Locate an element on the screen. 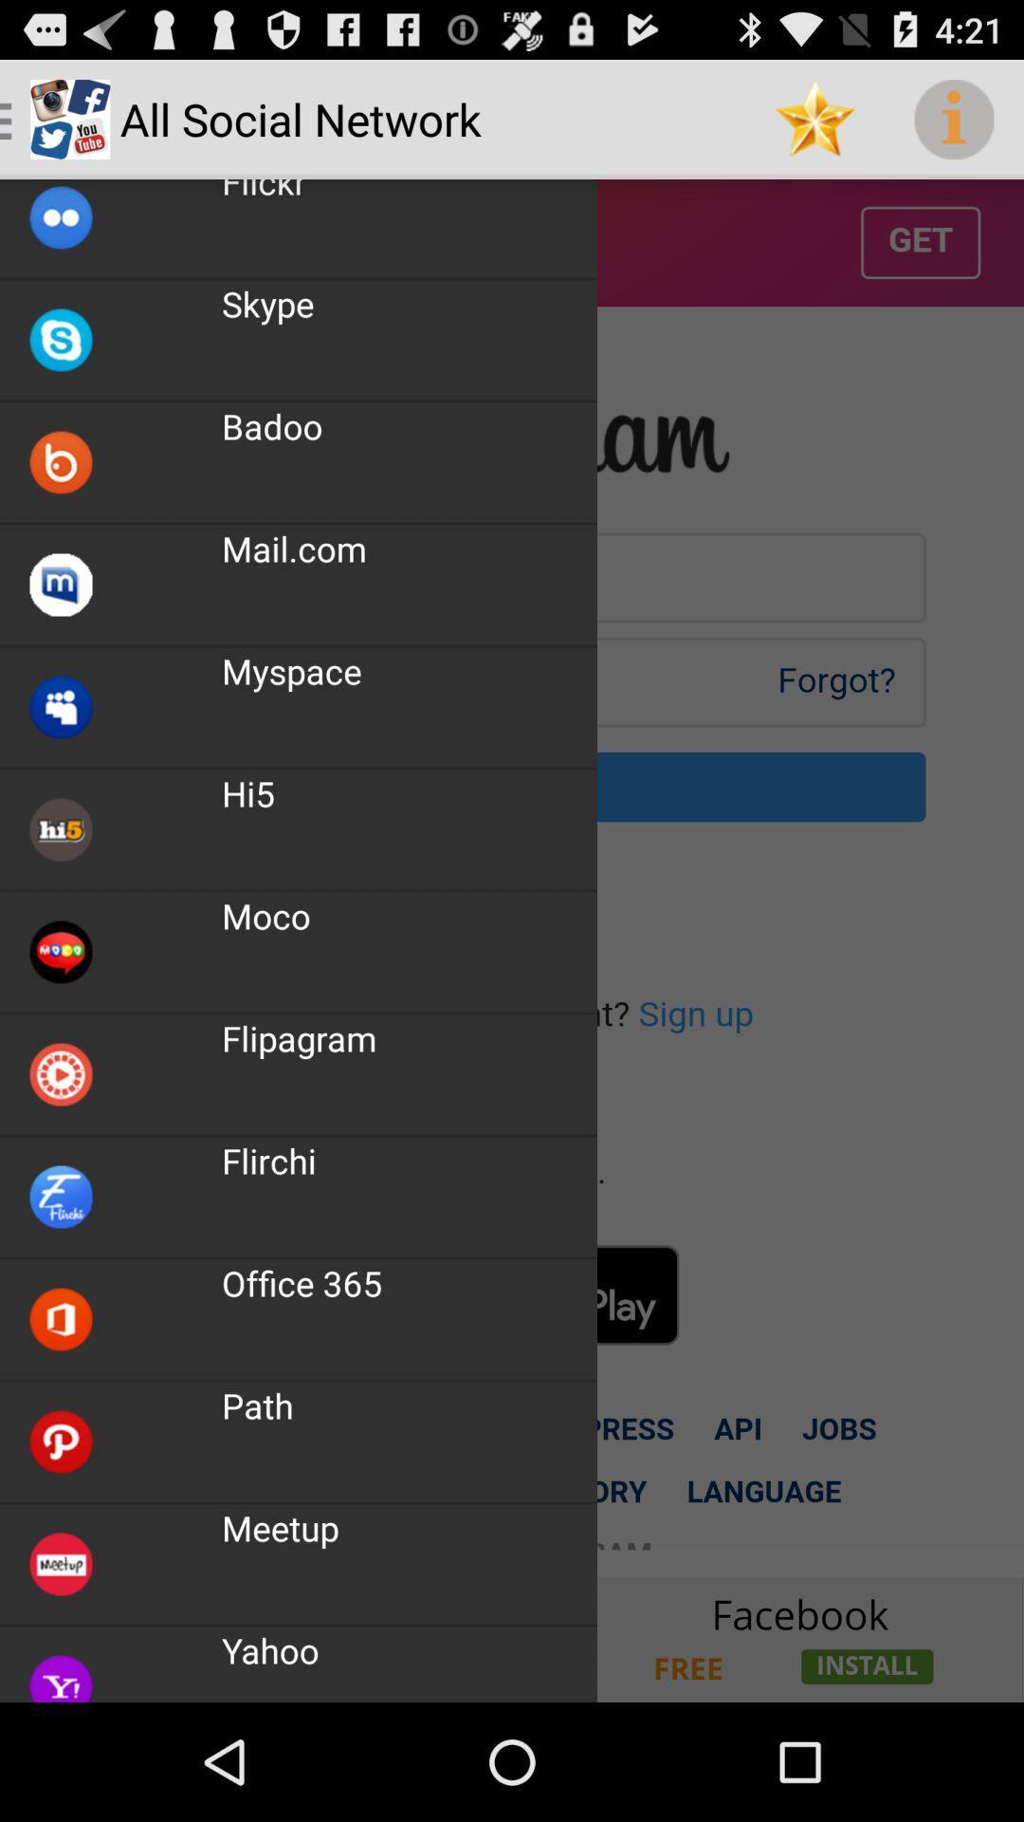  the meetup app is located at coordinates (280, 1528).